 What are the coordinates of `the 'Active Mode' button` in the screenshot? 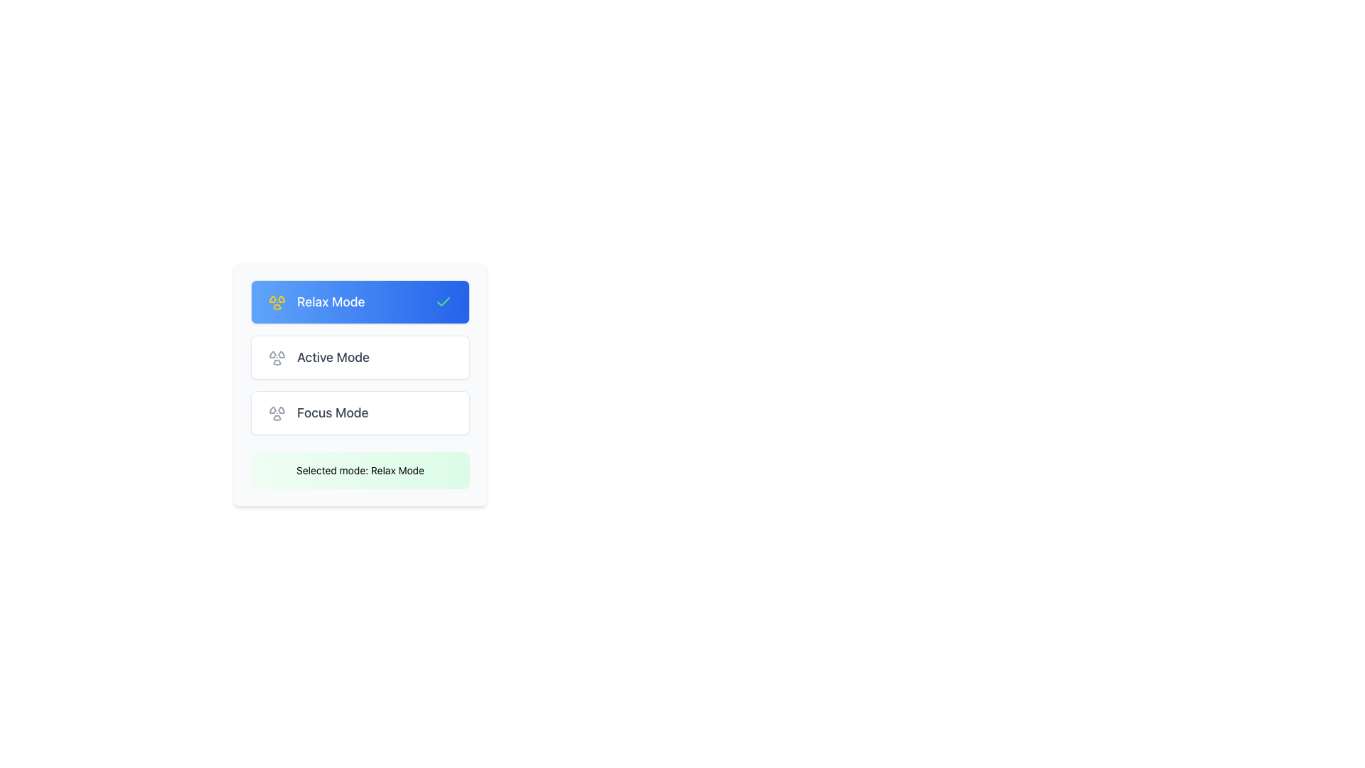 It's located at (360, 356).